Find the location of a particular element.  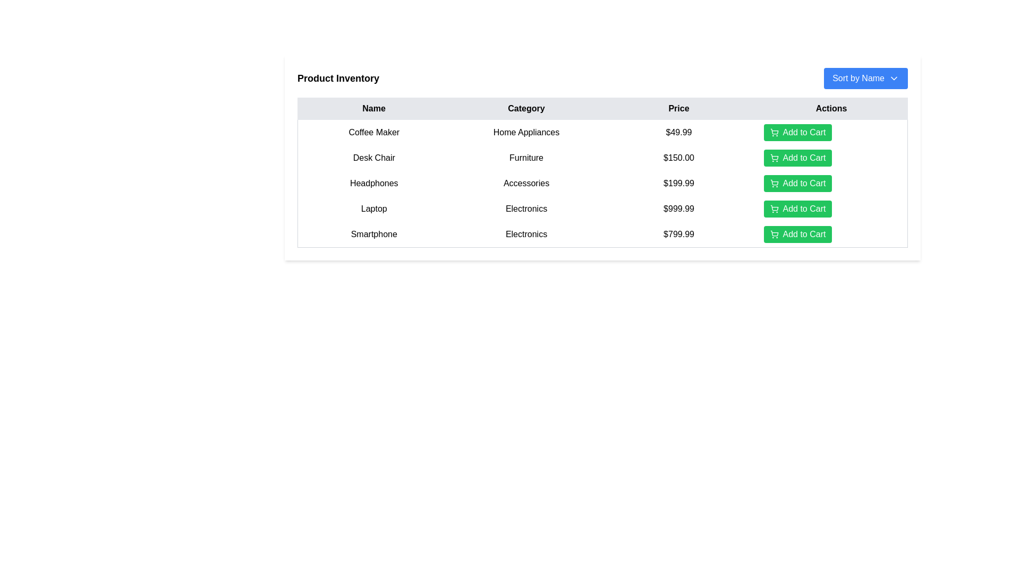

the 'Add to Cart' button for the Coffee Maker product, located in the last column of the first row under the 'Actions' column, to observe any hover effects is located at coordinates (830, 132).